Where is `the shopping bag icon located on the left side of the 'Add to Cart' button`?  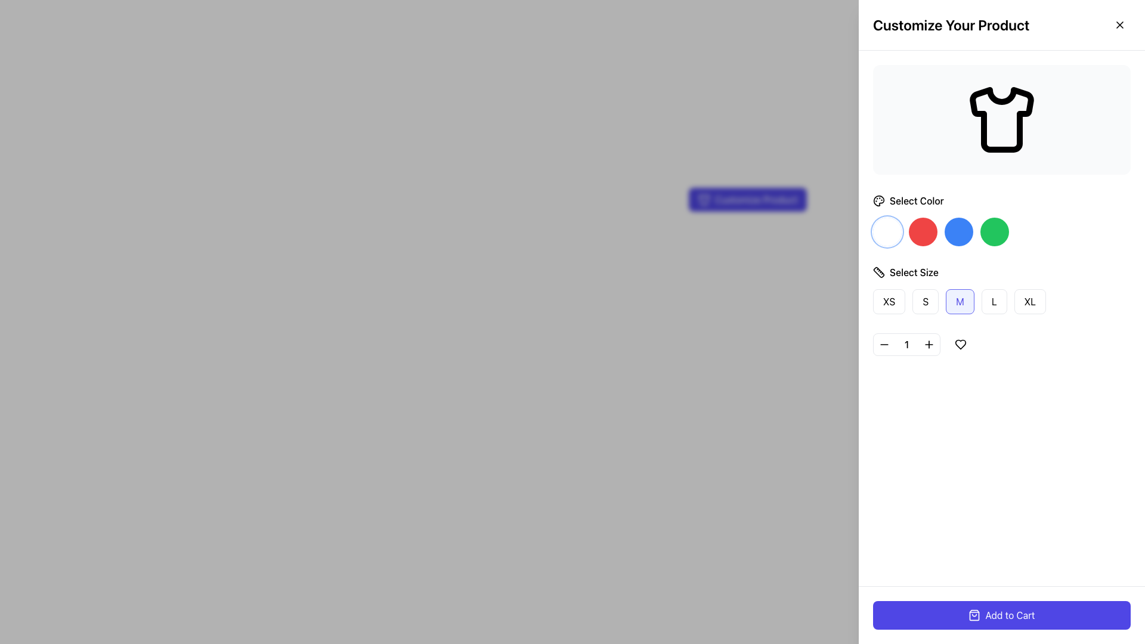 the shopping bag icon located on the left side of the 'Add to Cart' button is located at coordinates (974, 615).